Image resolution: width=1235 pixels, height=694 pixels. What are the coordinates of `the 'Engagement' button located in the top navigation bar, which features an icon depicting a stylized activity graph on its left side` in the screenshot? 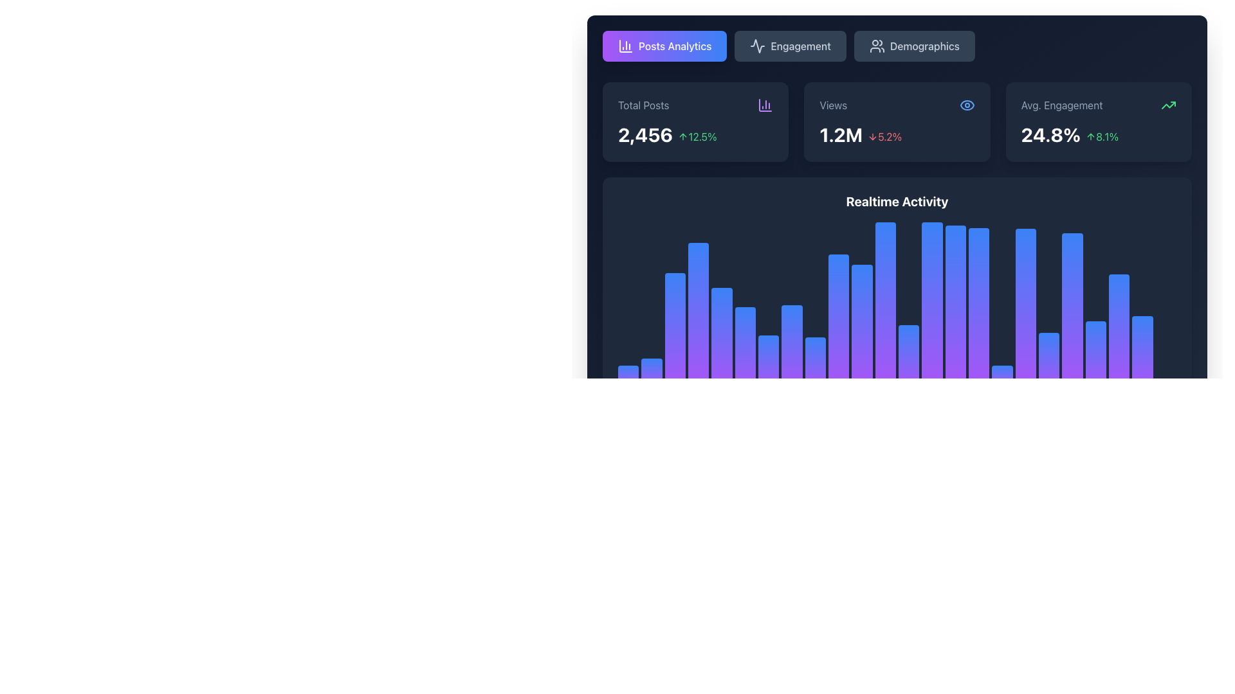 It's located at (758, 46).